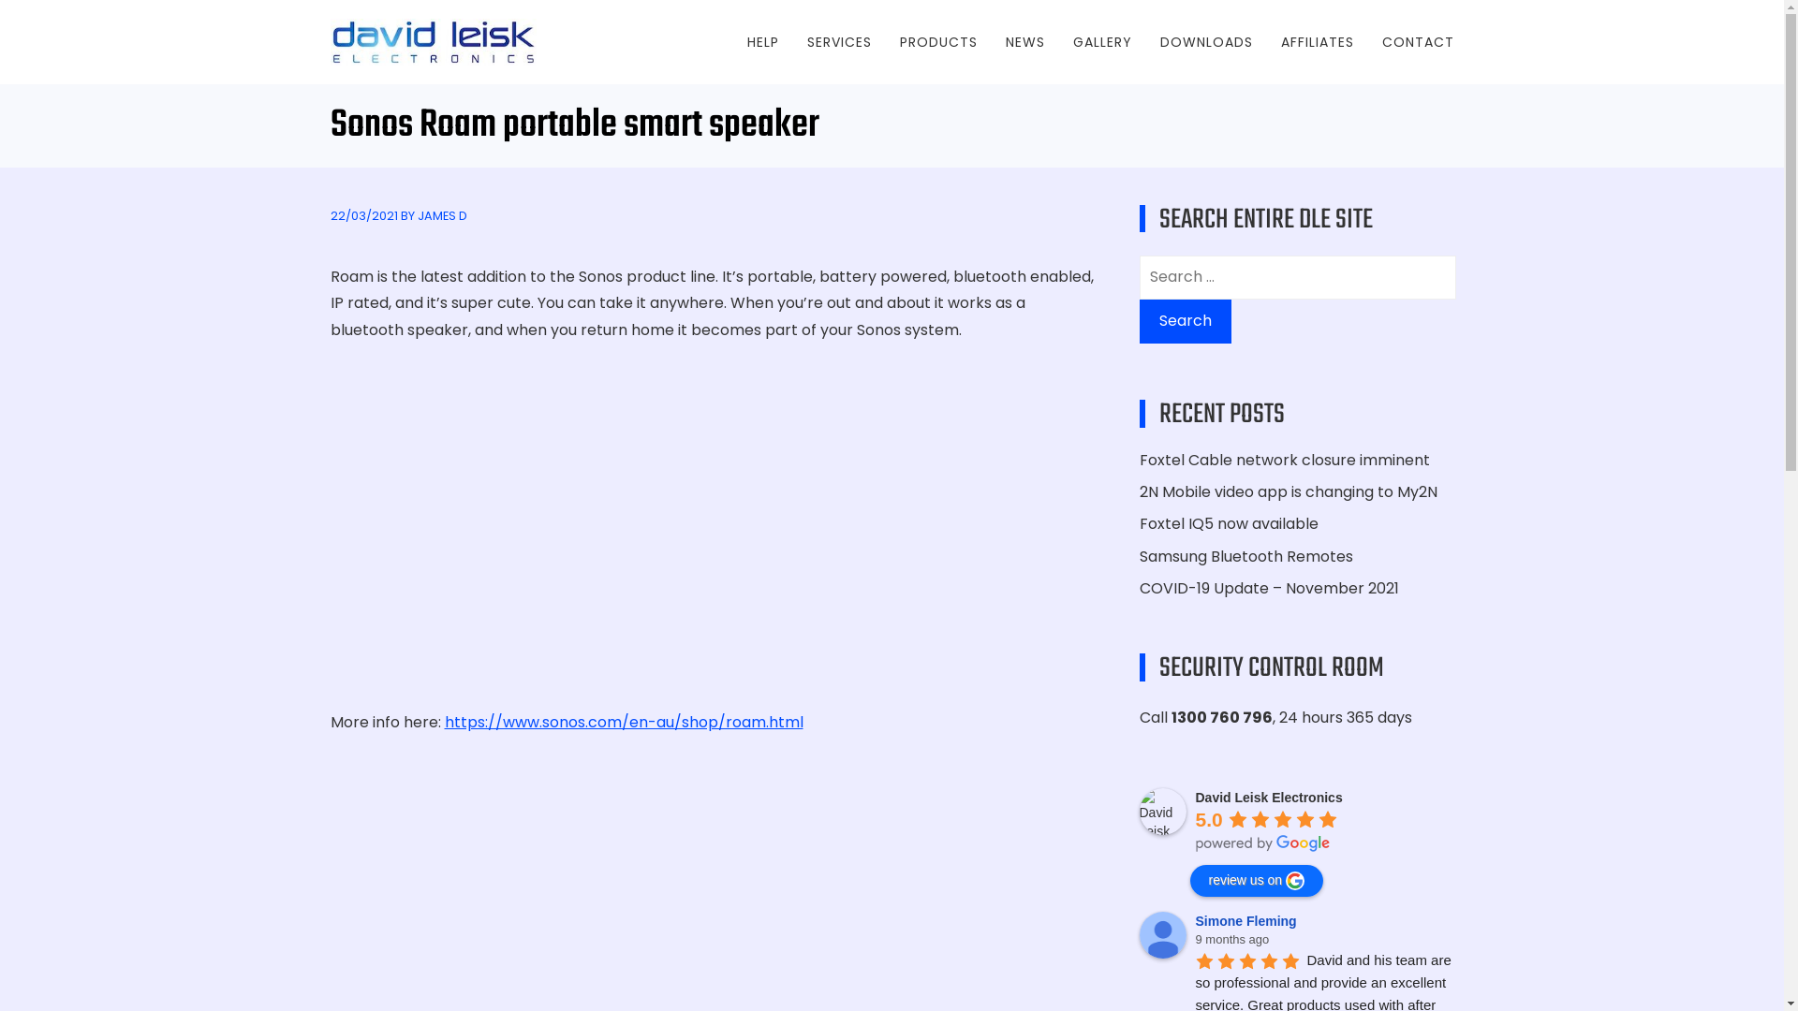  Describe the element at coordinates (1184, 320) in the screenshot. I see `'Search'` at that location.